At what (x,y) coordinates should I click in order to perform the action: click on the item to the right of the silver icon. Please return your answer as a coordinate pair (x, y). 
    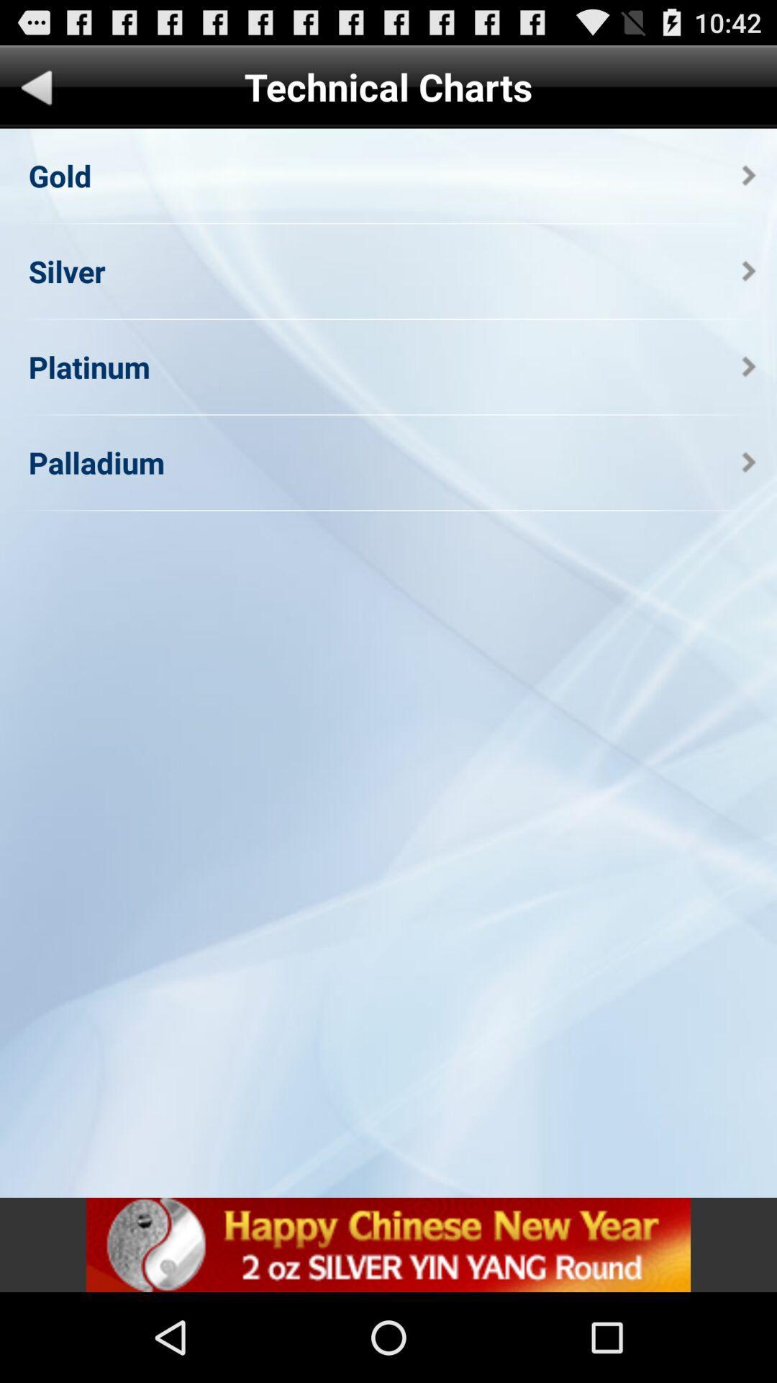
    Looking at the image, I should click on (748, 271).